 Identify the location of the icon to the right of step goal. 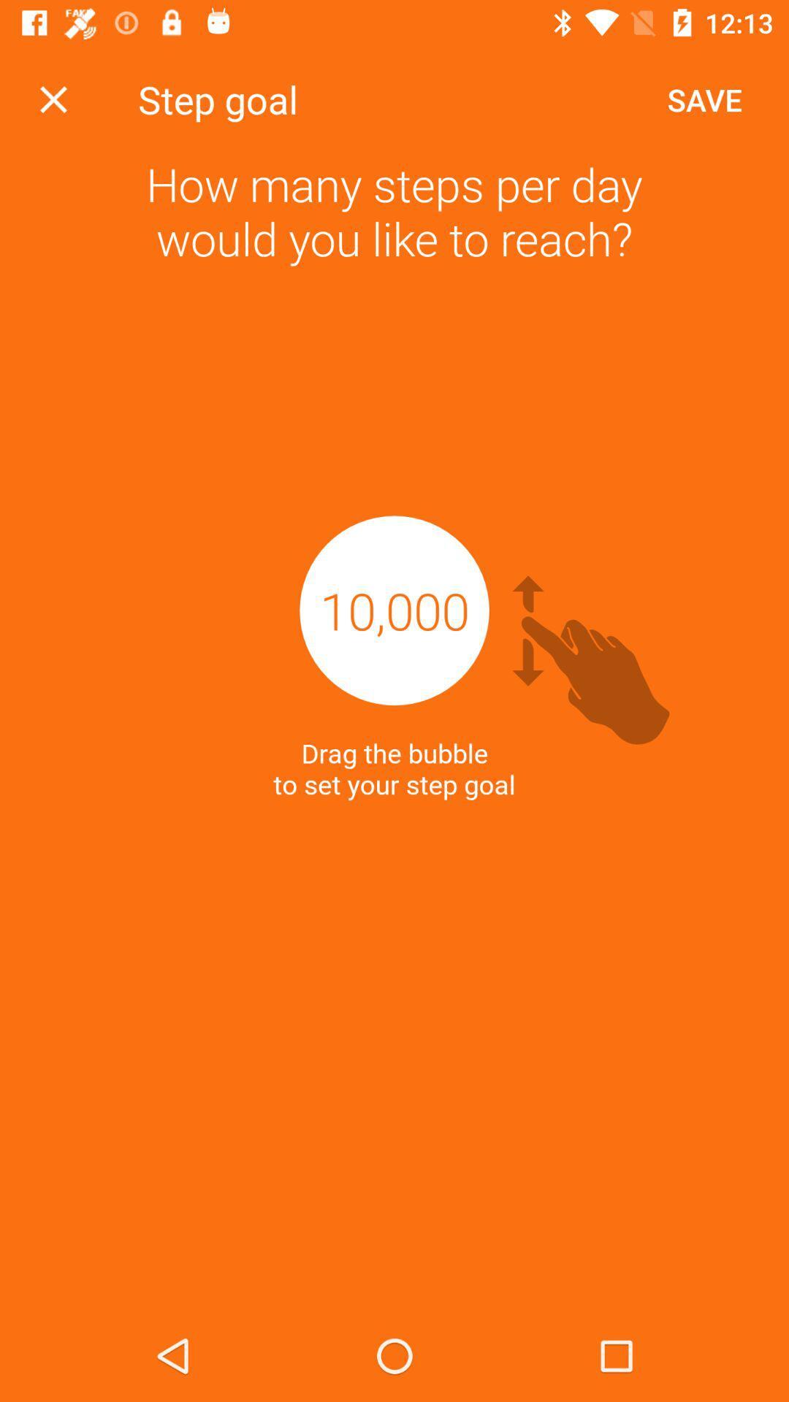
(704, 99).